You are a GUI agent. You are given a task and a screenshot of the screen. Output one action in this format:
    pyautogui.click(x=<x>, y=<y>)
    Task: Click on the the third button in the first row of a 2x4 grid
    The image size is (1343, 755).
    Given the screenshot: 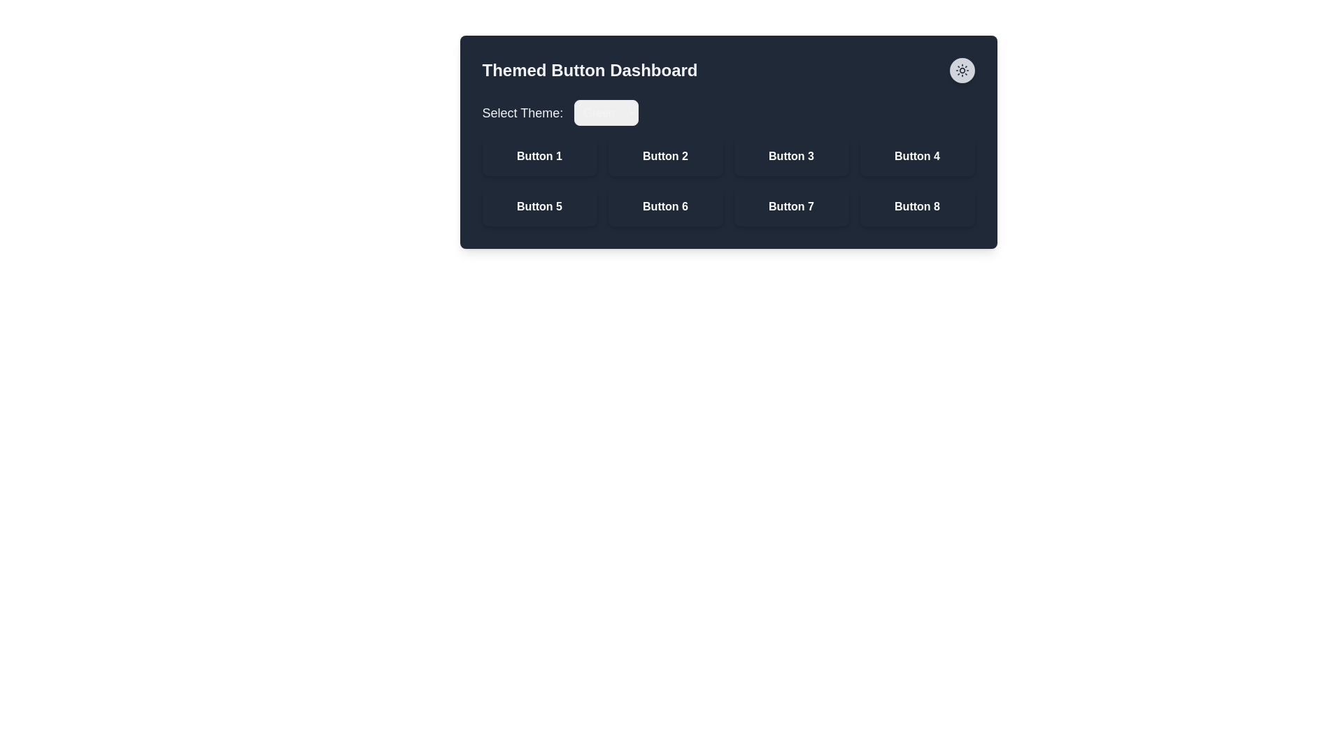 What is the action you would take?
    pyautogui.click(x=791, y=156)
    